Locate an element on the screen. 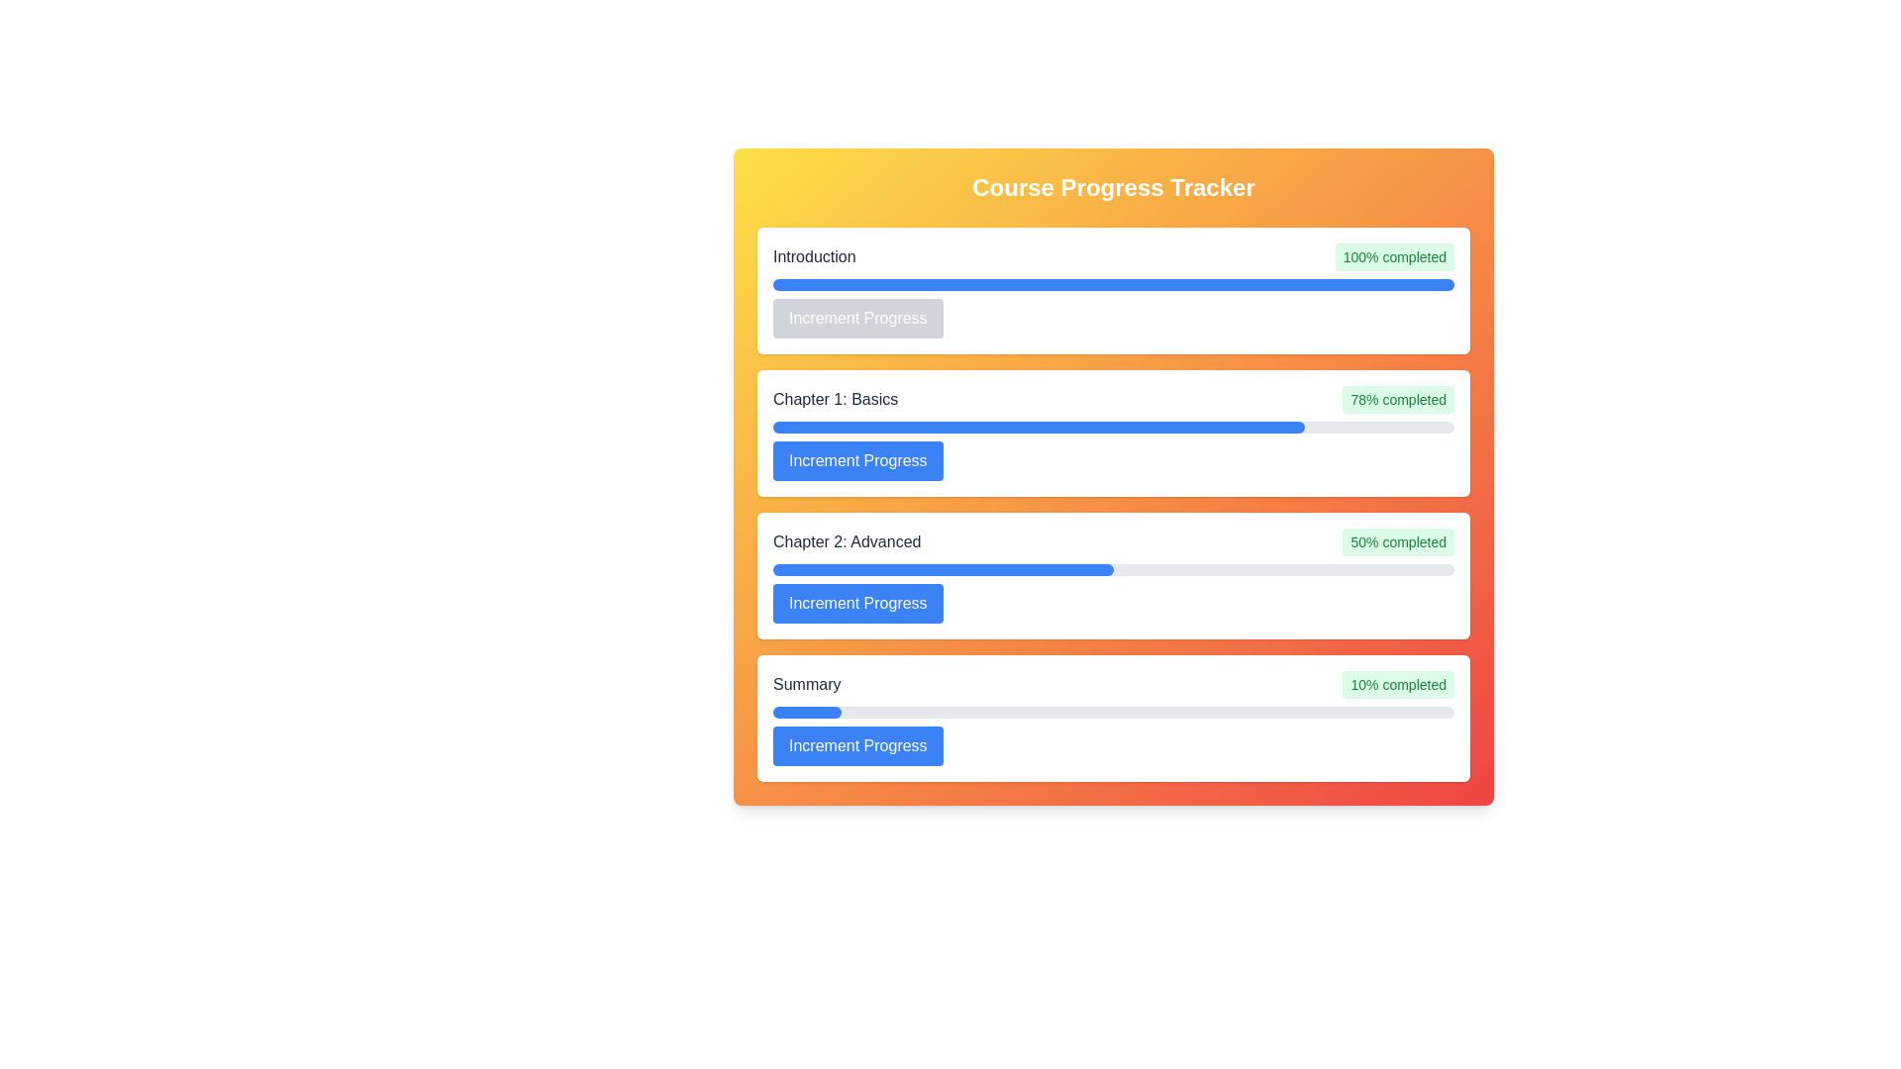  the interactive progress increment button located in the 'Chapter 1: Basics' section, directly below the progress bar and next to the '78% completed' label is located at coordinates (857, 461).